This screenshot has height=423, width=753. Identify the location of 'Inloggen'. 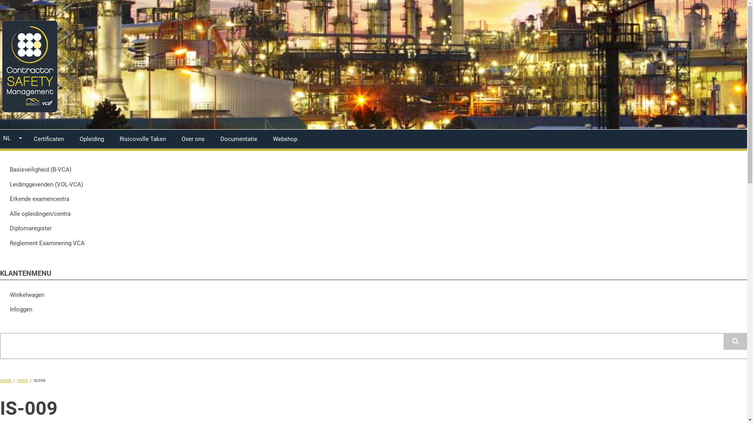
(0, 309).